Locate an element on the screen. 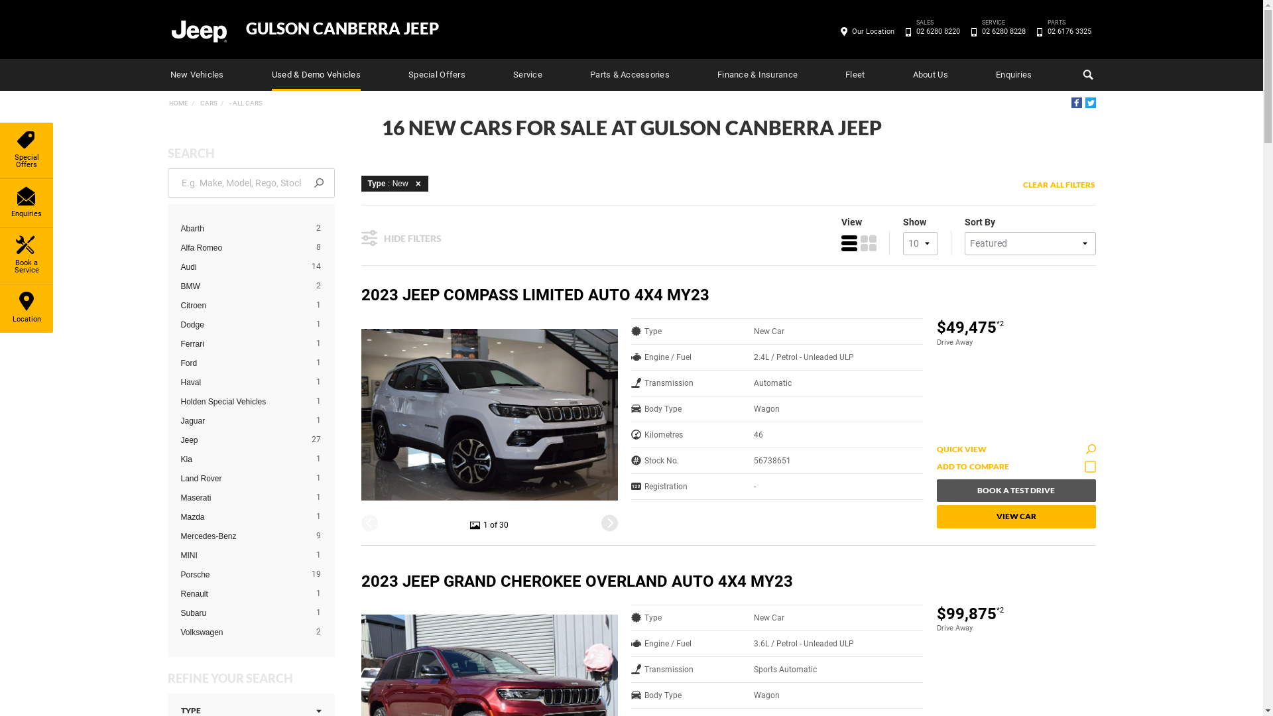  'Renault' is located at coordinates (180, 593).